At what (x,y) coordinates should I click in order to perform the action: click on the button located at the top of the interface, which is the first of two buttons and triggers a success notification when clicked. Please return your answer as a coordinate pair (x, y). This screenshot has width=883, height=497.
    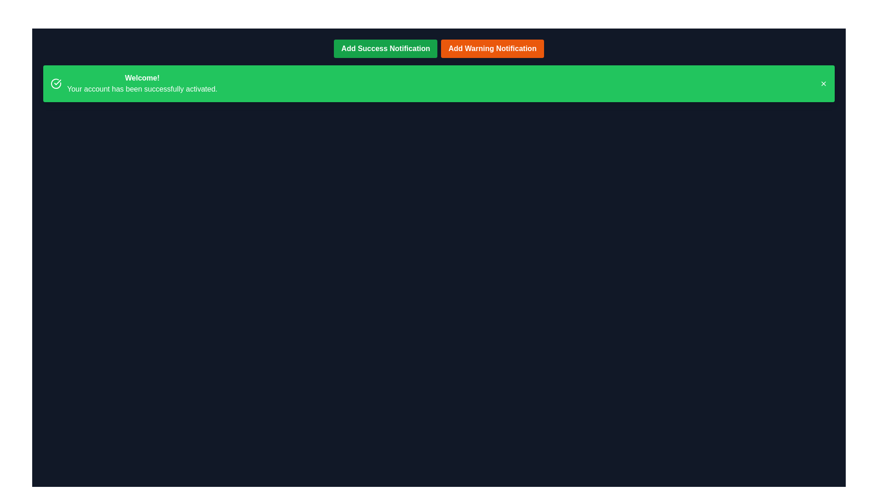
    Looking at the image, I should click on (385, 48).